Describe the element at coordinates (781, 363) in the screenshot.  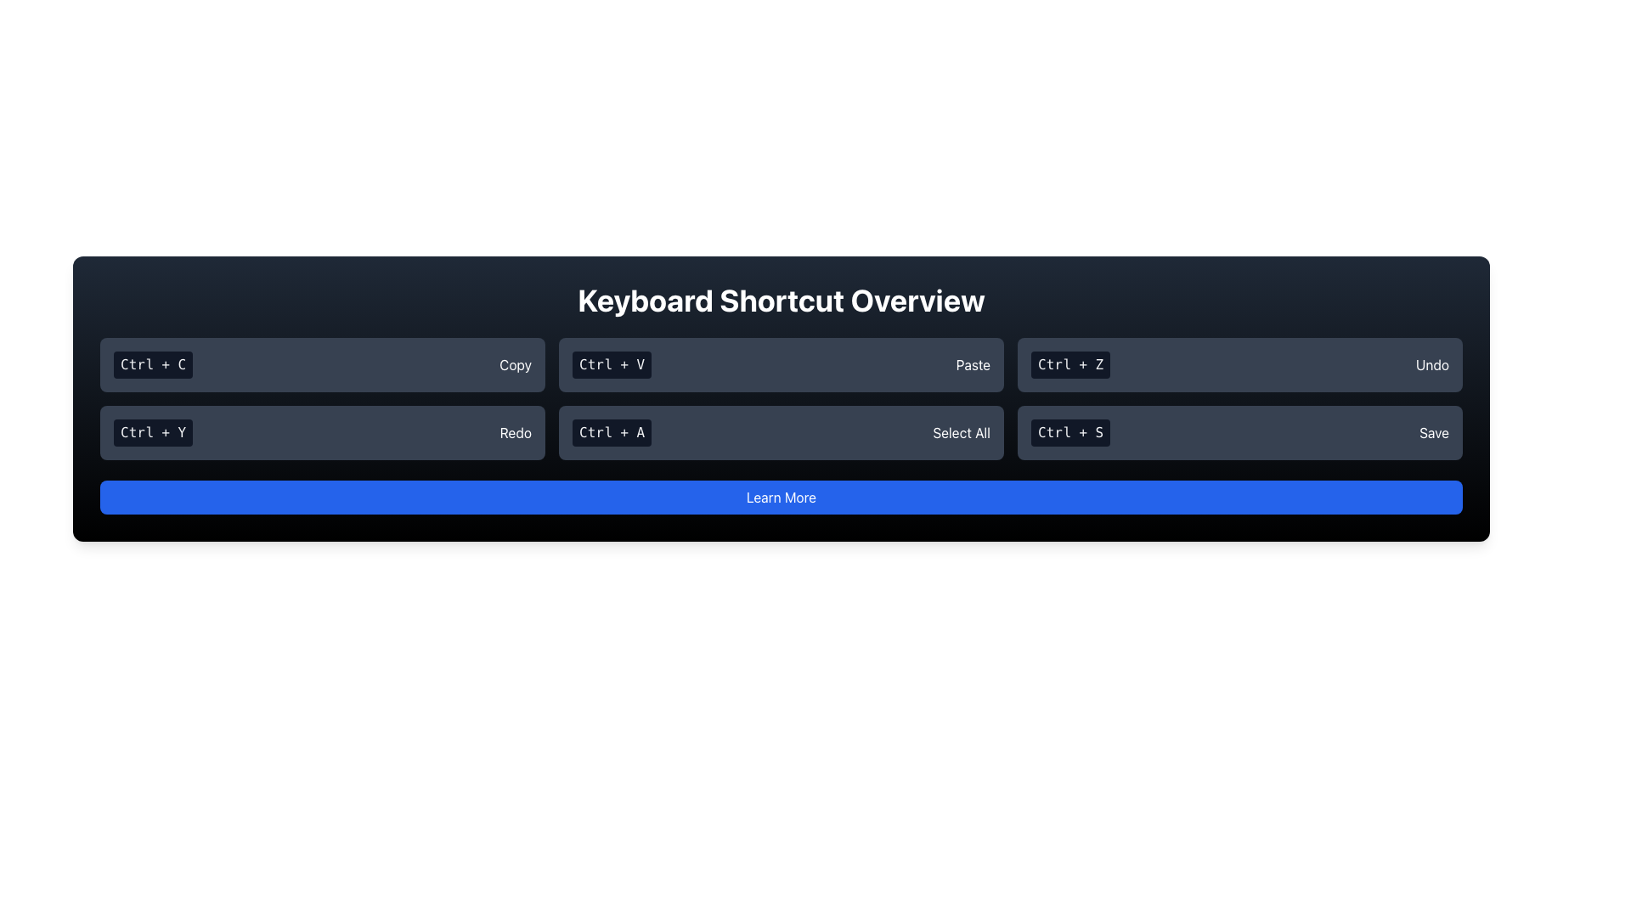
I see `the 'Paste' button, which displays the keyboard shortcut 'Ctrl + V' and is located between the 'Copy' and 'Undo' buttons in the first row of the shortcut button grid` at that location.